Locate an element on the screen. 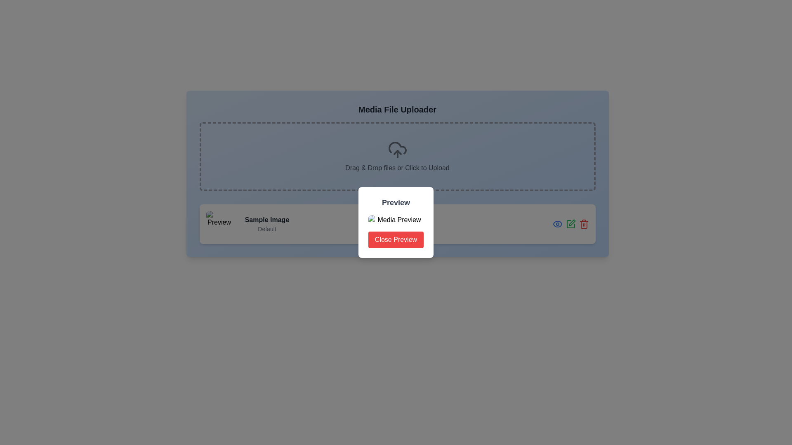  the interactive section that includes an image preview, descriptive text 'Sample Image' and 'Default', along with action buttons, located near the bottom of the interface is located at coordinates (397, 224).